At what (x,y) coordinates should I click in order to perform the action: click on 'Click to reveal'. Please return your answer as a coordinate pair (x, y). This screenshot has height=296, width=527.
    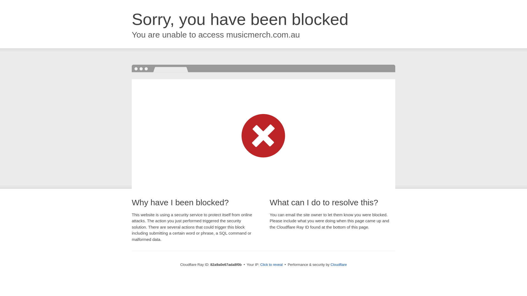
    Looking at the image, I should click on (271, 264).